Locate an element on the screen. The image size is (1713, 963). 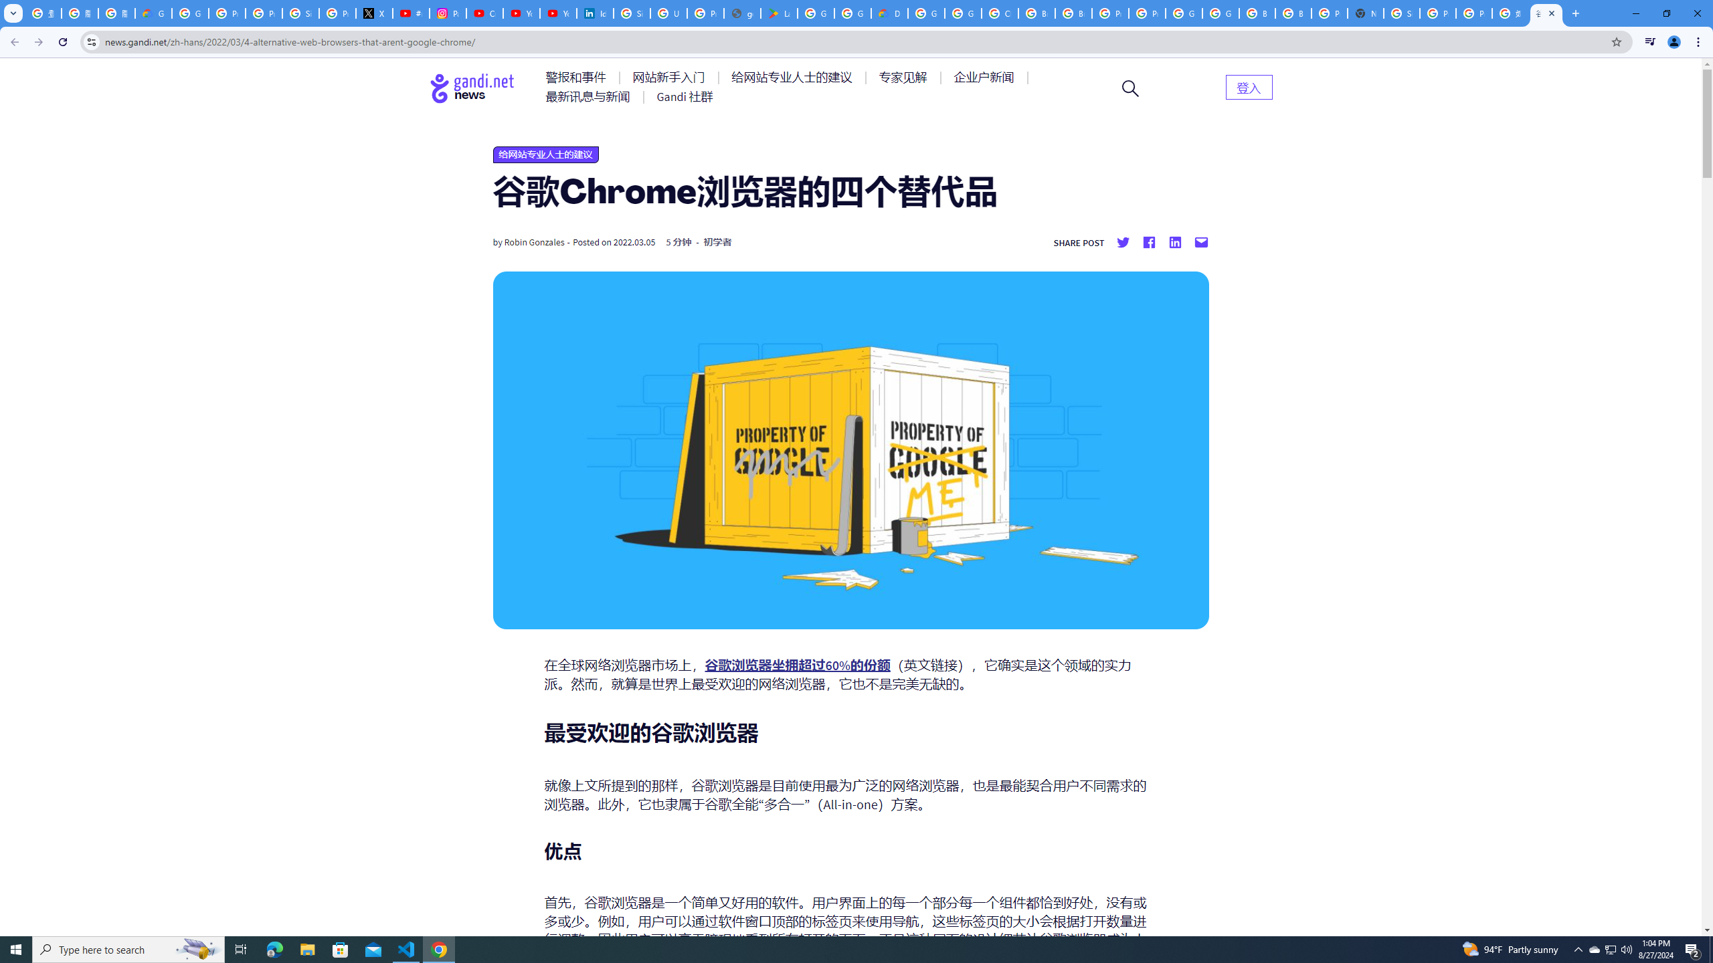
'Google Cloud Privacy Notice' is located at coordinates (153, 13).